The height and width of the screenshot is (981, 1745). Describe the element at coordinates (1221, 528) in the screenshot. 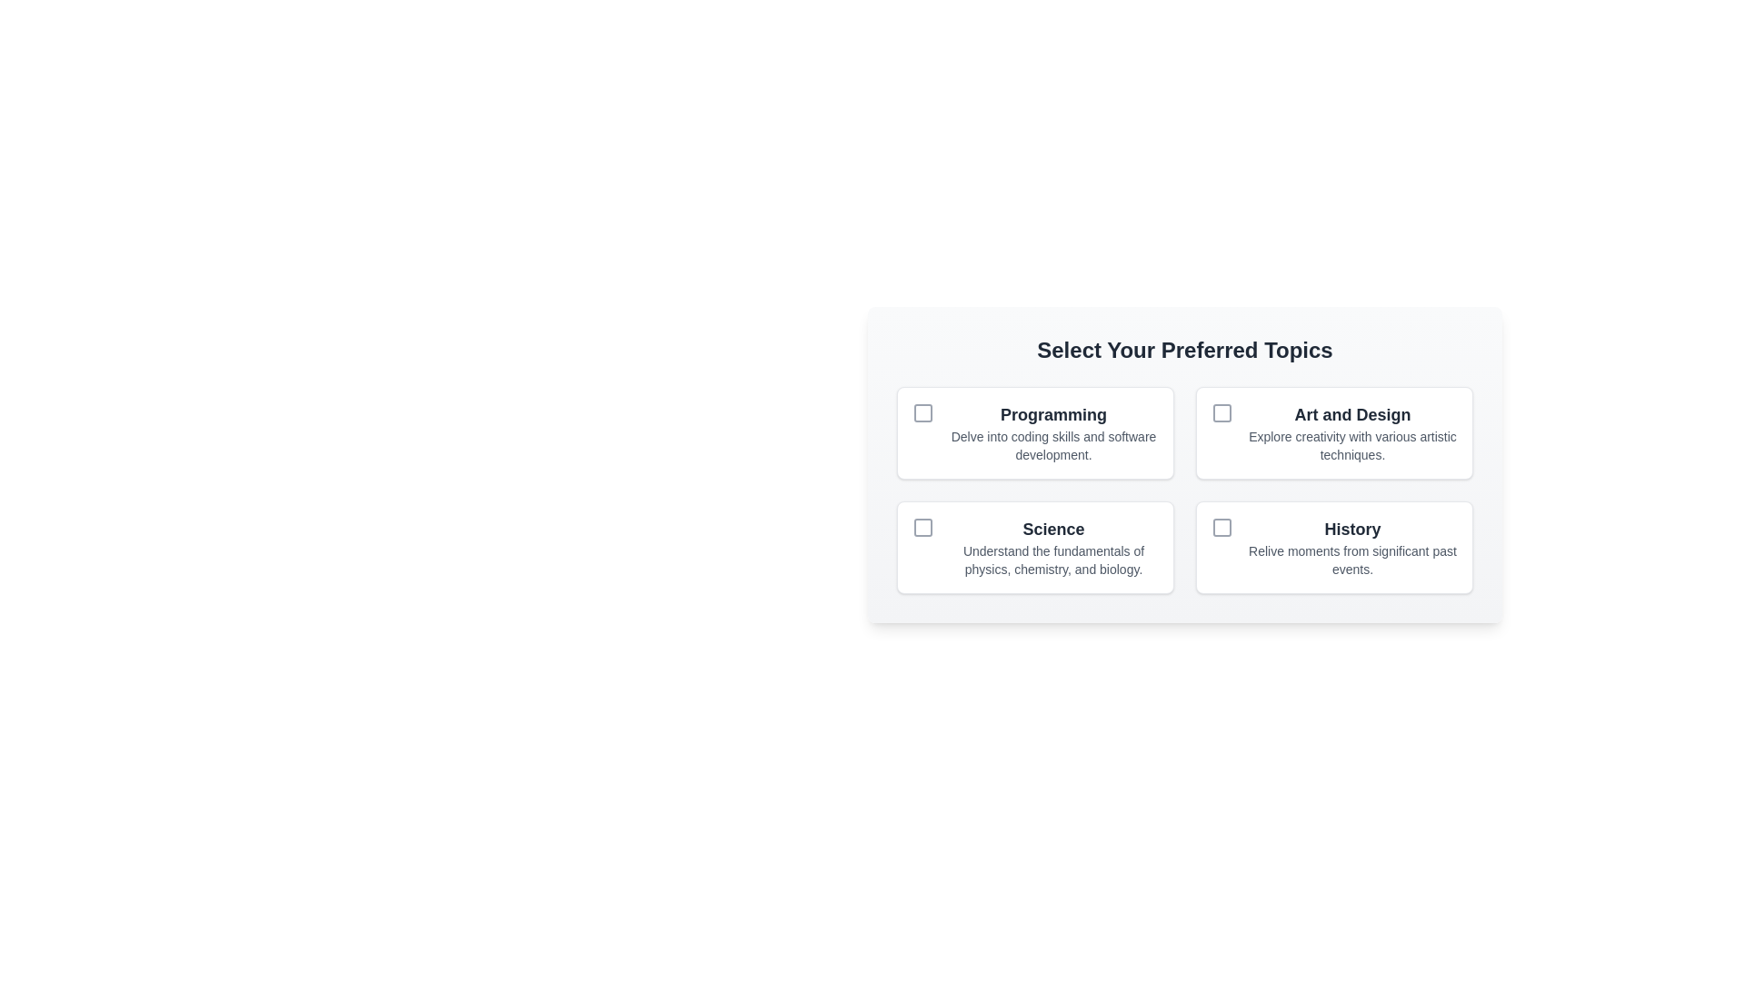

I see `the 'History' Checkbox to emphasize or highlight it, which is positioned in the second row, second column of the grouped checkbox options layout` at that location.